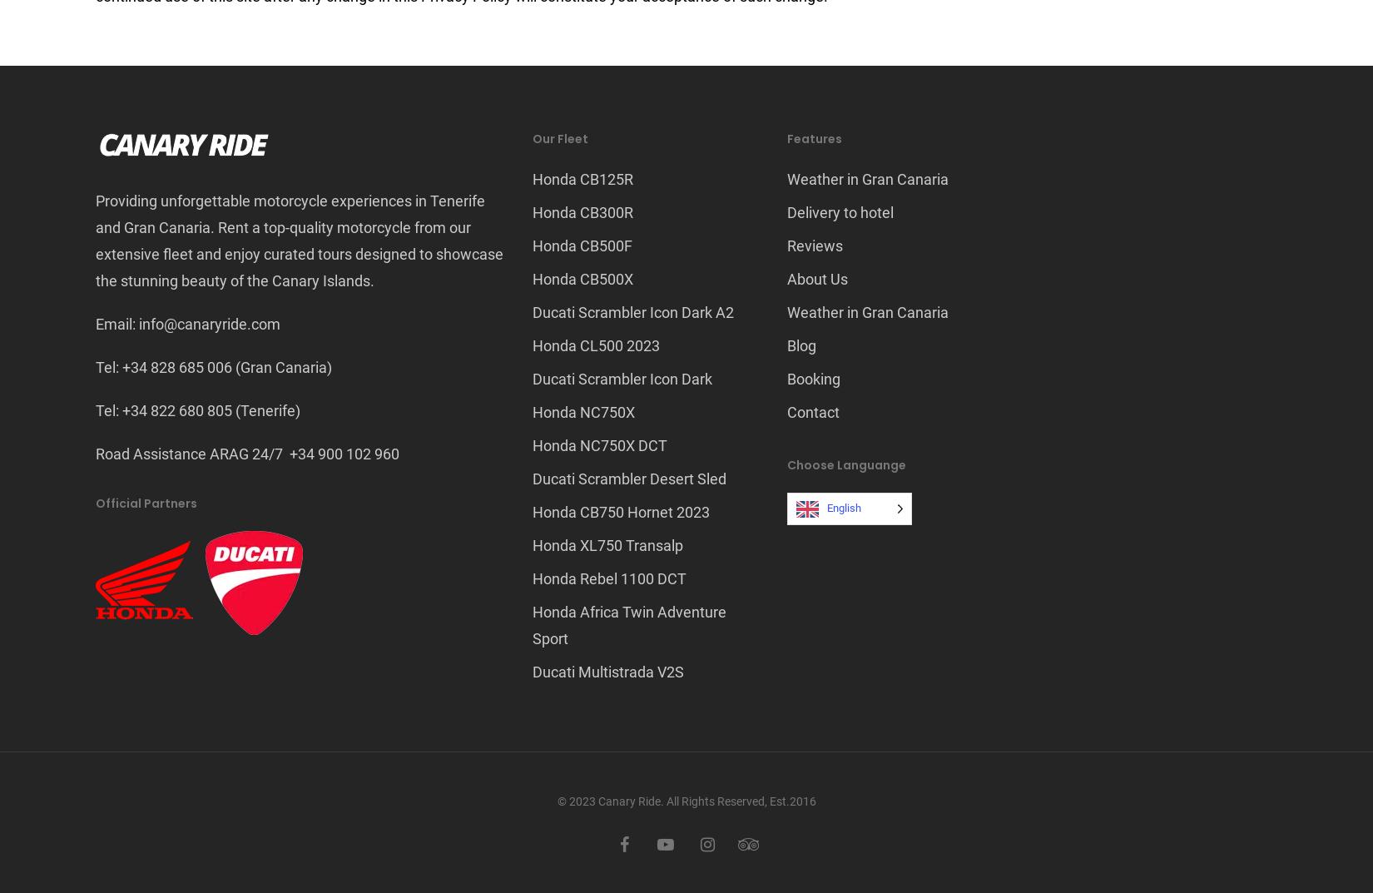  I want to click on 'Providing unforgettable motorcycle experiences in Tenerife and Gran Canaria. Rent a top-quality motorcycle from our extensive fleet and enjoy curated tours designed to showcase the stunning beauty of the Canary Islands.', so click(300, 240).